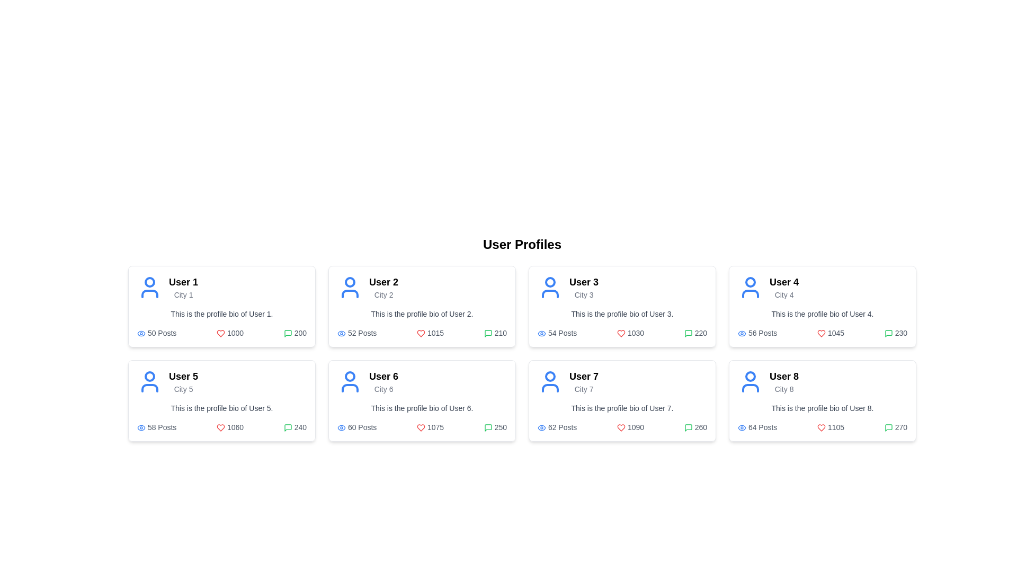  I want to click on displayed number of comments or messages indicated by the Text with Icon located at the bottom-right corner of User 2's profile card, positioned second in the first row after '52 Posts' and '1015', so click(495, 332).